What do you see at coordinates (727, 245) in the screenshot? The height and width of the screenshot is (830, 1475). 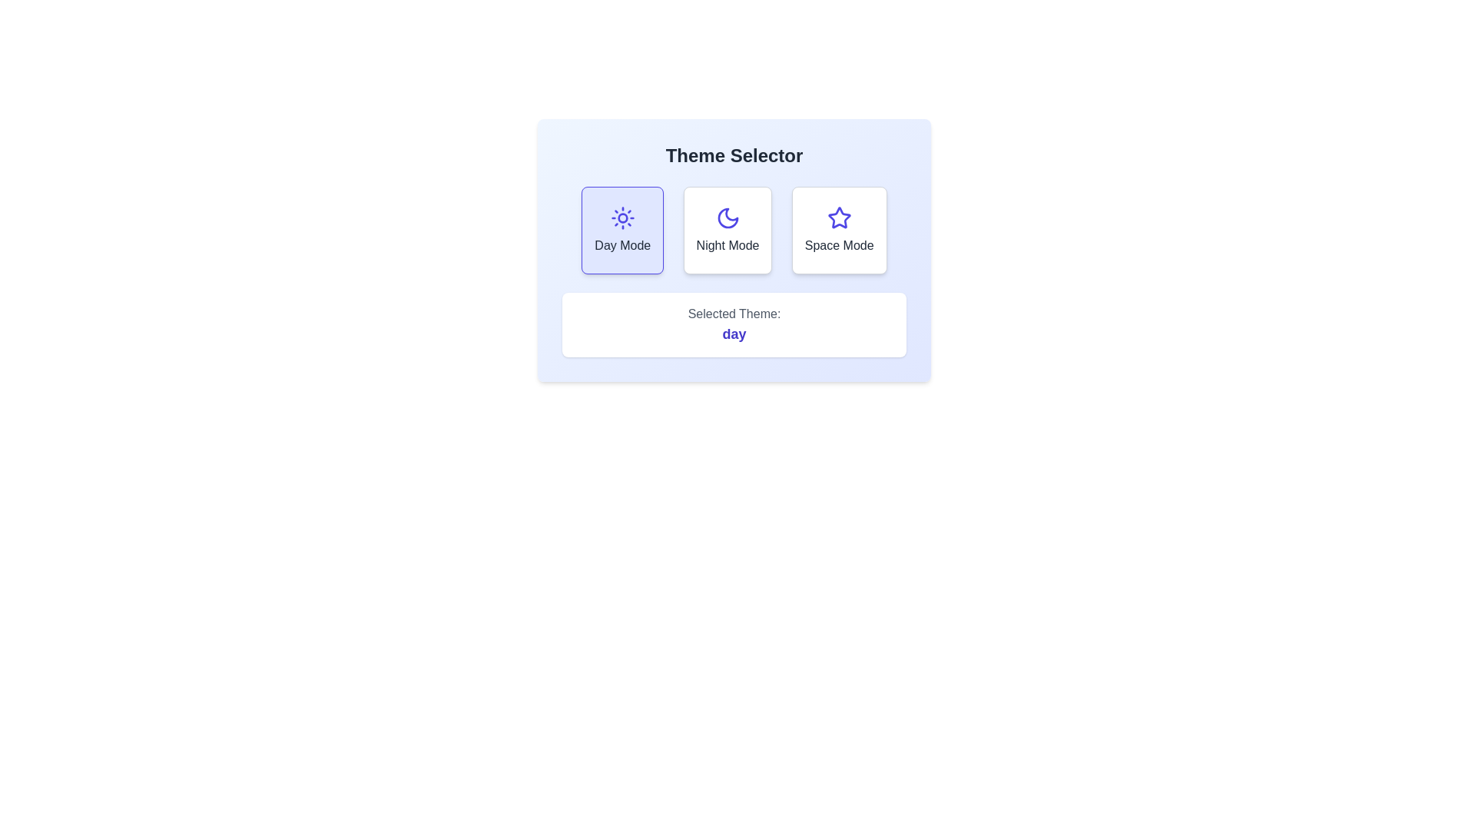 I see `text label 'Night Mode' which is styled in gray color and medium font weight, located in the 'Theme Selector' section of the UI, beneath a moon icon` at bounding box center [727, 245].